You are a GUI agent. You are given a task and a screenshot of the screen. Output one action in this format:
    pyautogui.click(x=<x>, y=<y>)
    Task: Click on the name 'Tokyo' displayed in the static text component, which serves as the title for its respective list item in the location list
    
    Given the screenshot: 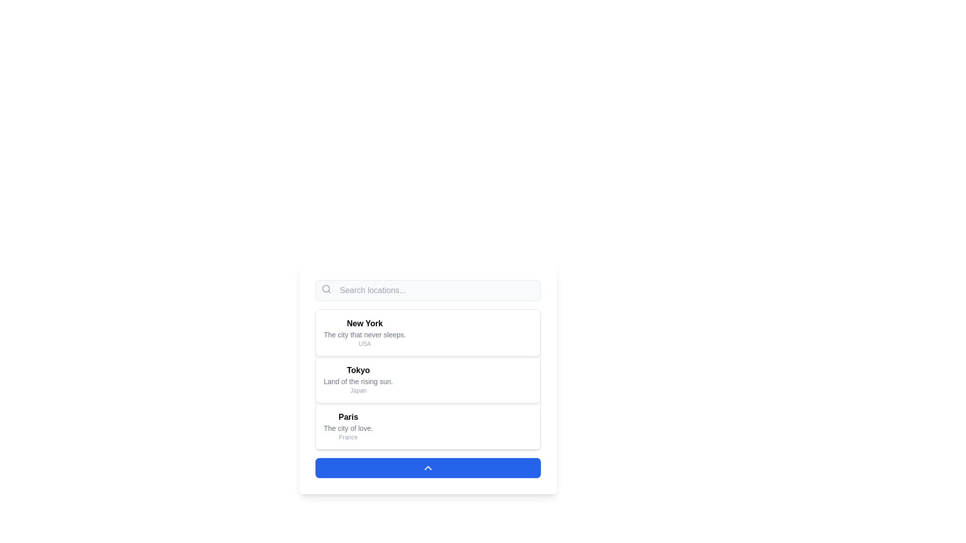 What is the action you would take?
    pyautogui.click(x=358, y=370)
    